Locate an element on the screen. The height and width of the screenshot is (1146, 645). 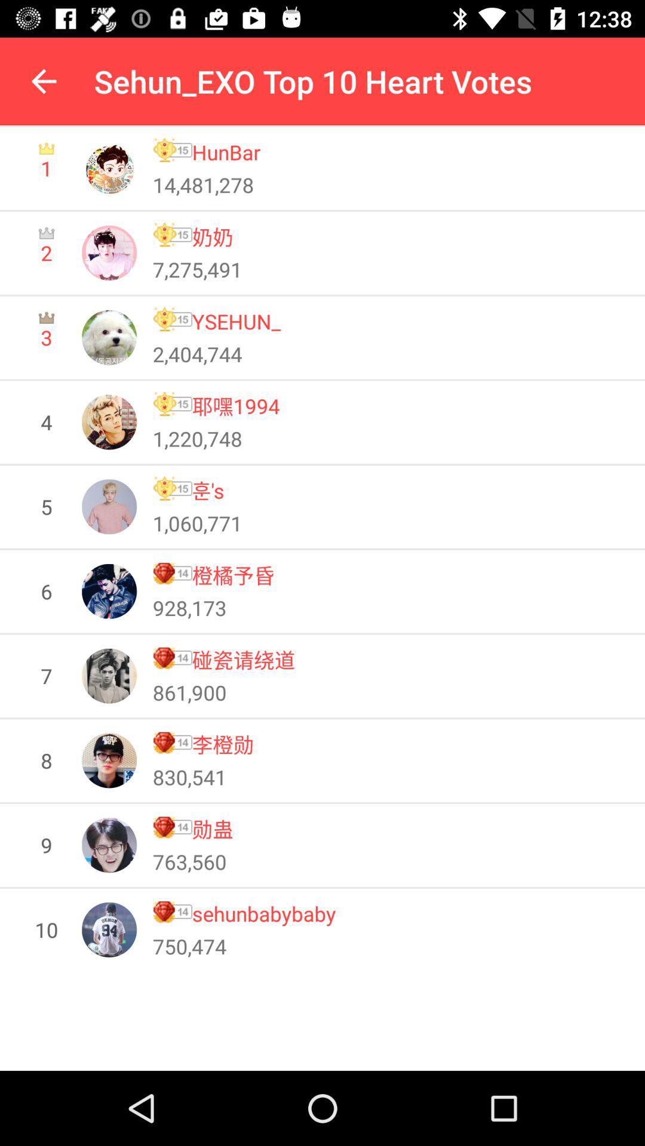
the 6 item is located at coordinates (45, 591).